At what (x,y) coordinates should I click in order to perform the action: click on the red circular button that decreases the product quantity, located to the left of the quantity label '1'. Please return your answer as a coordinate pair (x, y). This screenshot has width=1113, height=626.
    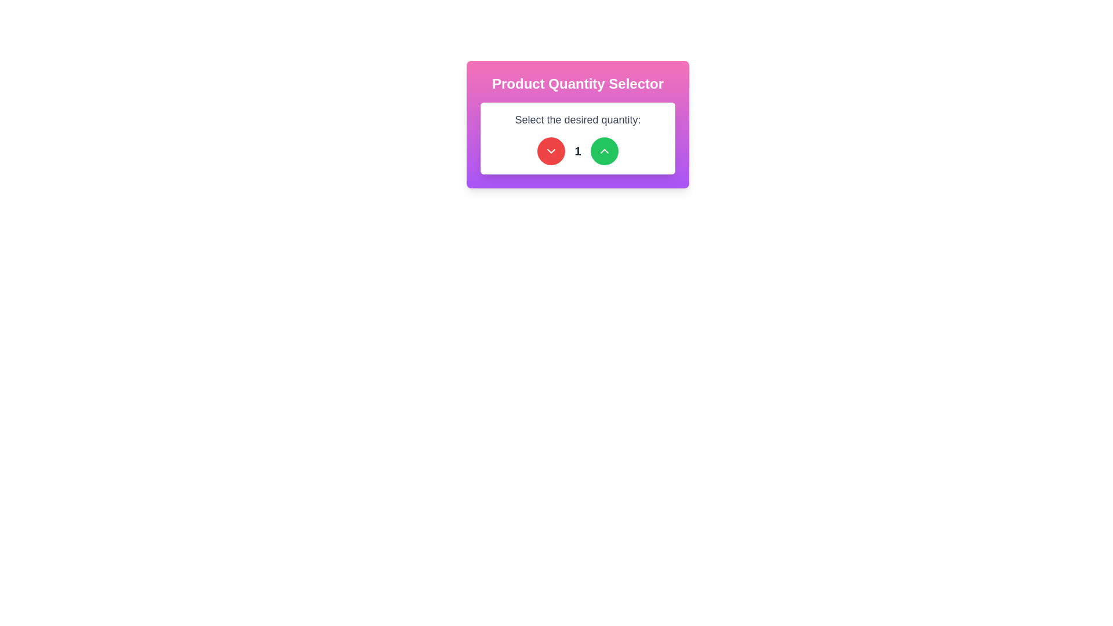
    Looking at the image, I should click on (551, 151).